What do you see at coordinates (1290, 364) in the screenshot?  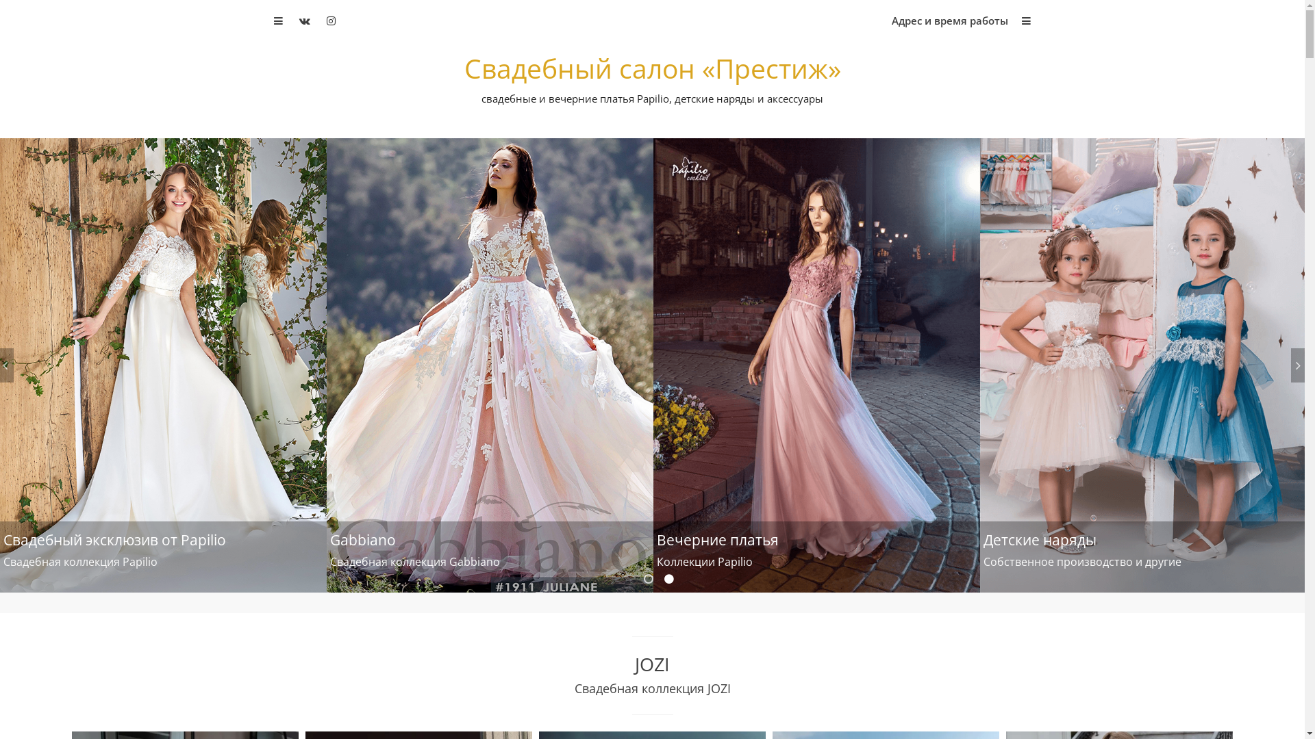 I see `'NEXT'` at bounding box center [1290, 364].